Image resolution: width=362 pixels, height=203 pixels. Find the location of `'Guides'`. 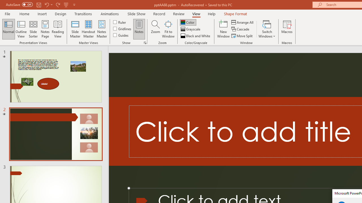

'Guides' is located at coordinates (121, 35).